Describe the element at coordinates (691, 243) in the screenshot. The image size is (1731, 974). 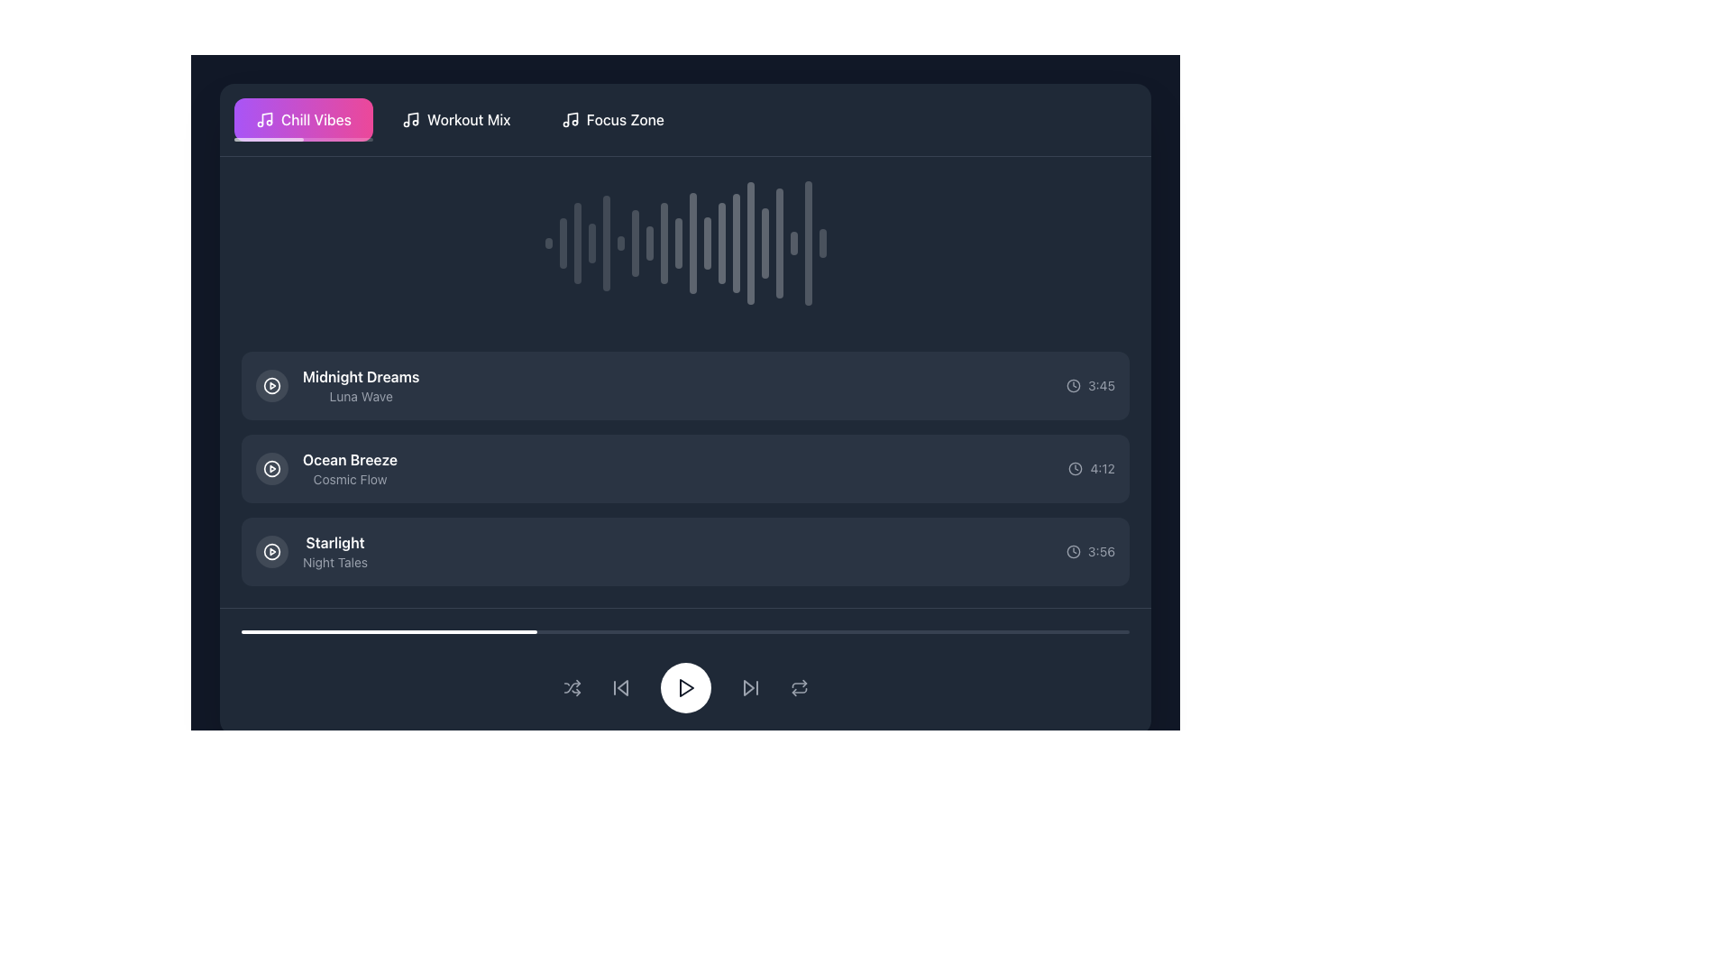
I see `the 11th vertical bar in the waveform display, which is a non-interactive graphical bar indicator with a transparent white appearance and rounded edges` at that location.